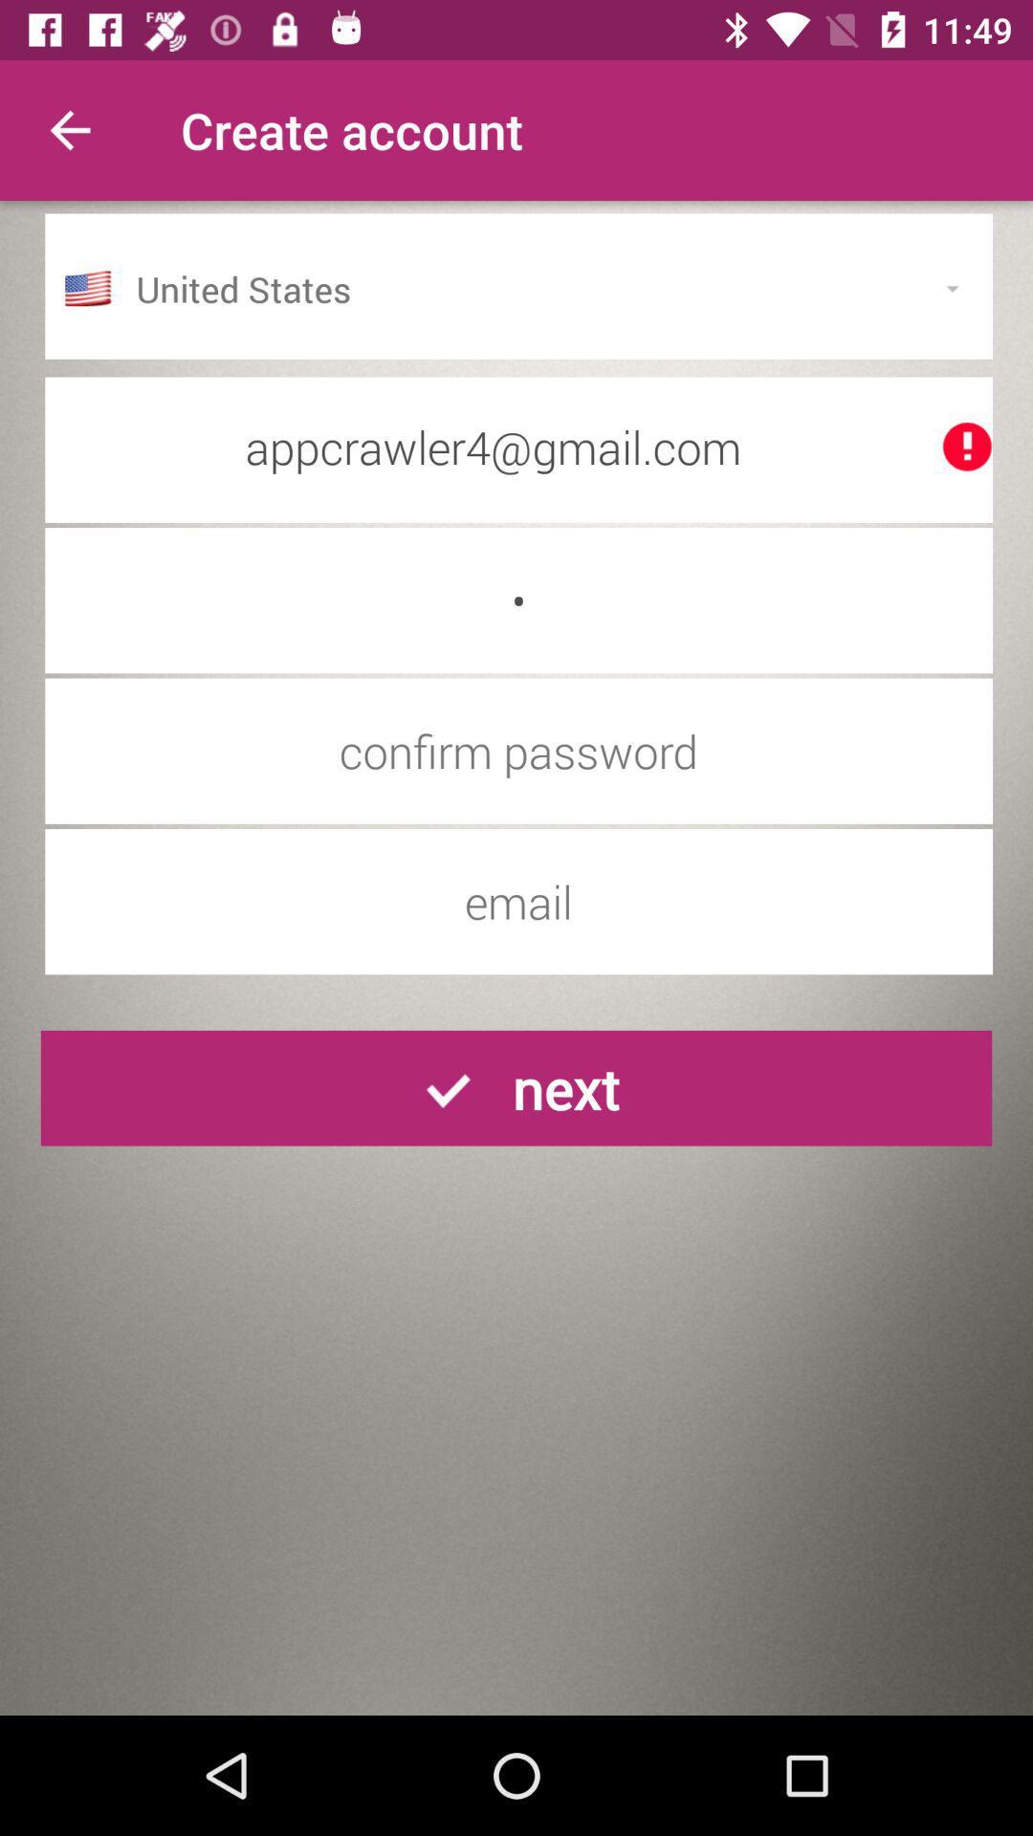  What do you see at coordinates (518, 600) in the screenshot?
I see `the item below the appcrawler4@gmail.com item` at bounding box center [518, 600].